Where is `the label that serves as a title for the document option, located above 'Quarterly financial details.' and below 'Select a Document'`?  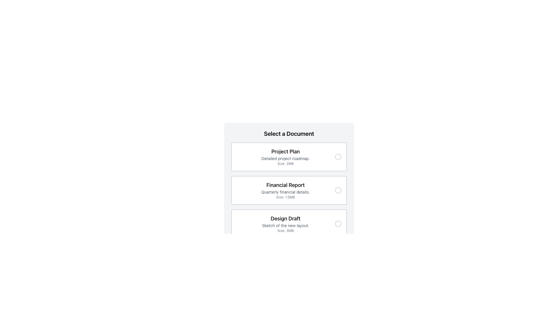 the label that serves as a title for the document option, located above 'Quarterly financial details.' and below 'Select a Document' is located at coordinates (286, 185).